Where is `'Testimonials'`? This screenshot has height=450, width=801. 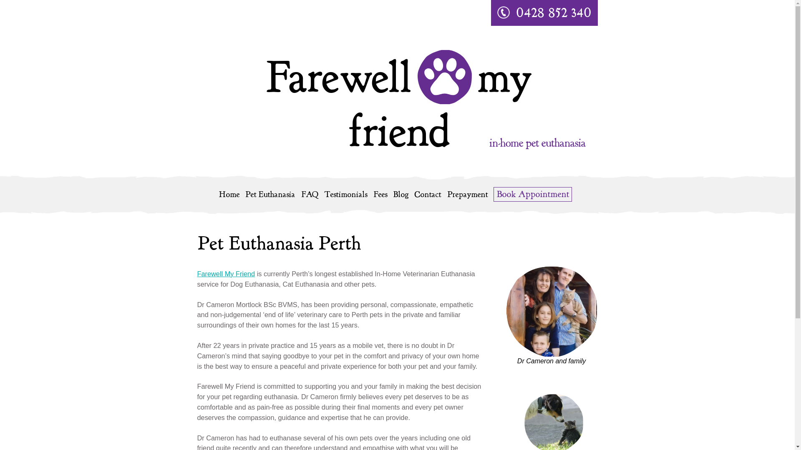
'Testimonials' is located at coordinates (345, 195).